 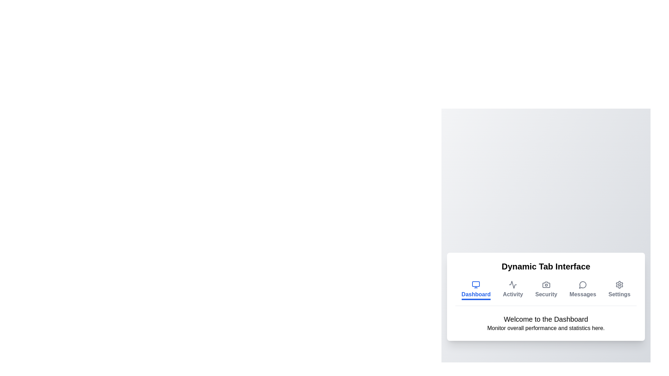 What do you see at coordinates (513, 284) in the screenshot?
I see `the 'Activity' tab icon, which is the second tab in a horizontal row of navigation tabs at the center bottom of the card component` at bounding box center [513, 284].